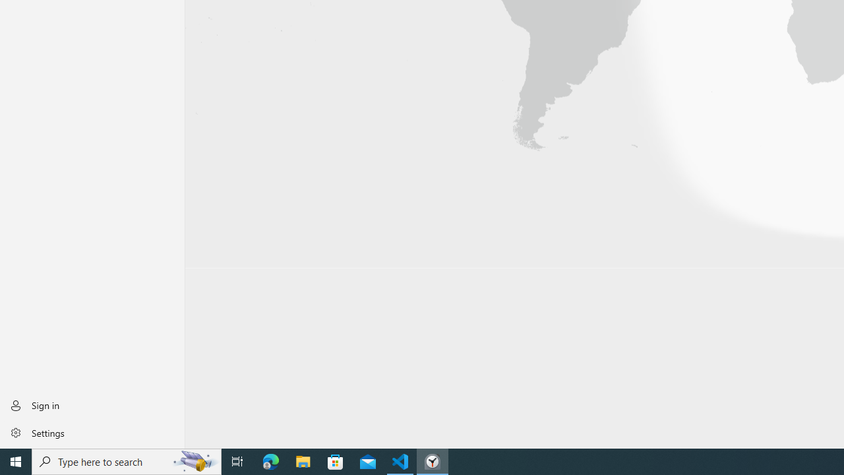 The width and height of the screenshot is (844, 475). What do you see at coordinates (92, 404) in the screenshot?
I see `'Sign in'` at bounding box center [92, 404].